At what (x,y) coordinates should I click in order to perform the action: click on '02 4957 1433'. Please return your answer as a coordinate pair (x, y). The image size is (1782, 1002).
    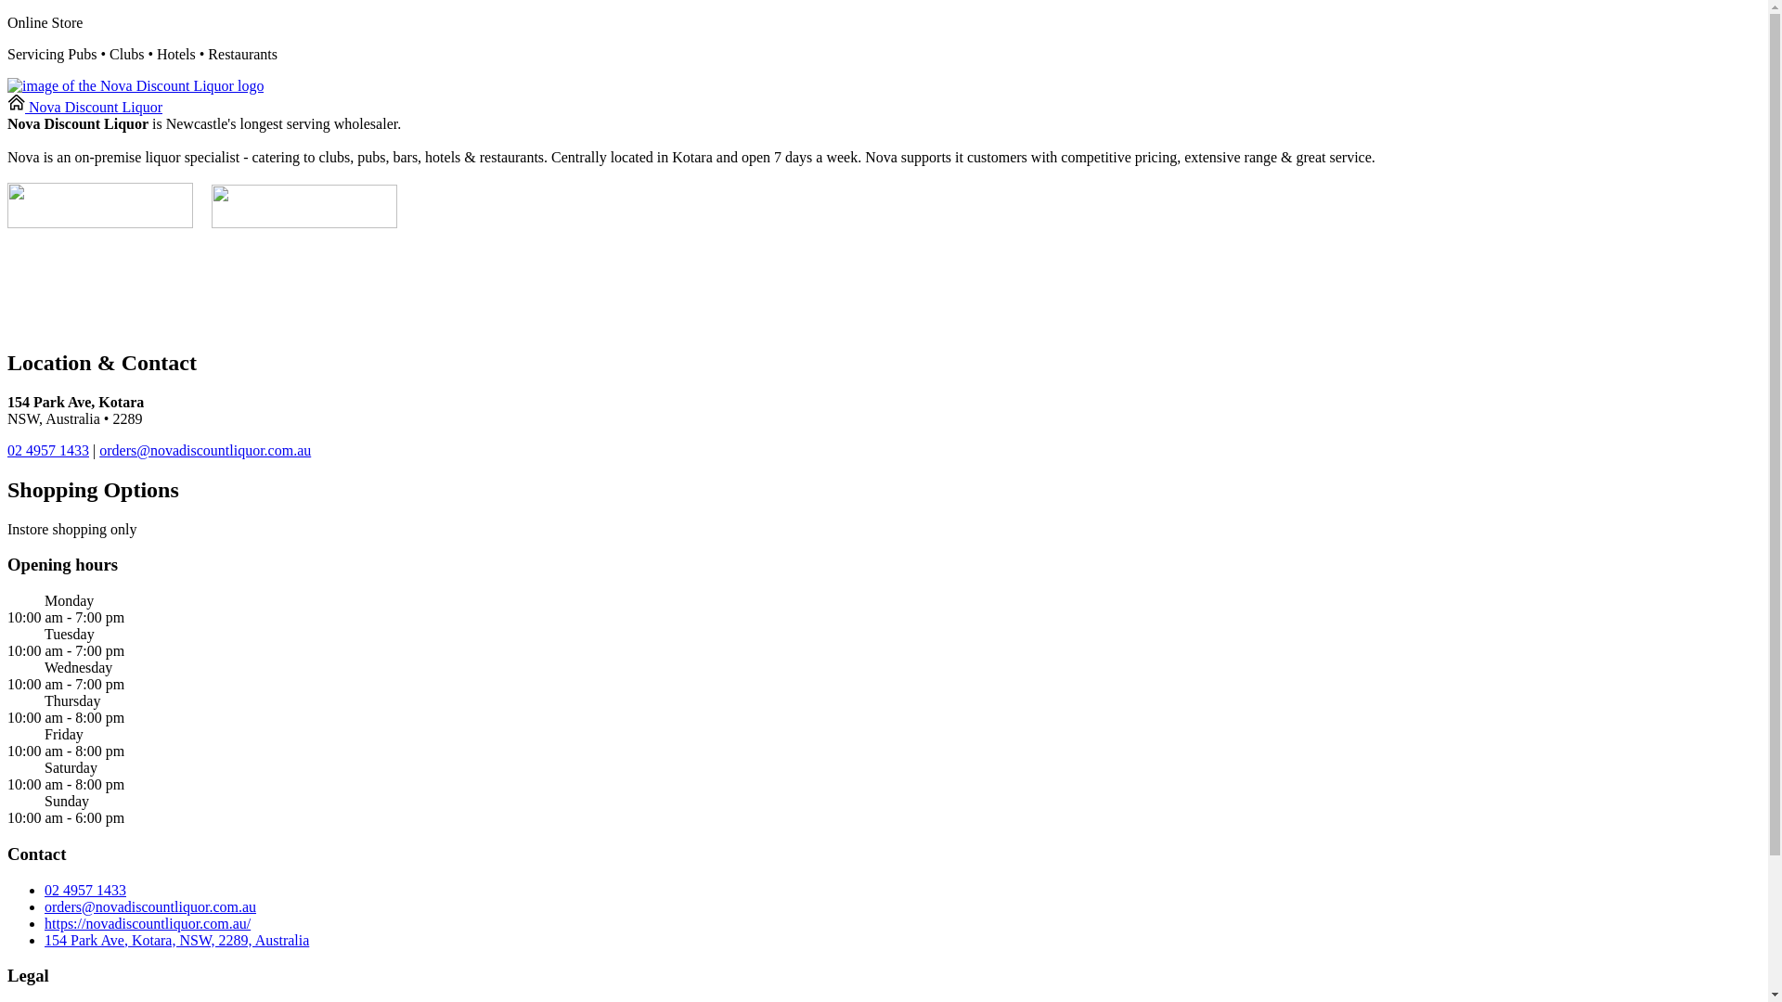
    Looking at the image, I should click on (84, 888).